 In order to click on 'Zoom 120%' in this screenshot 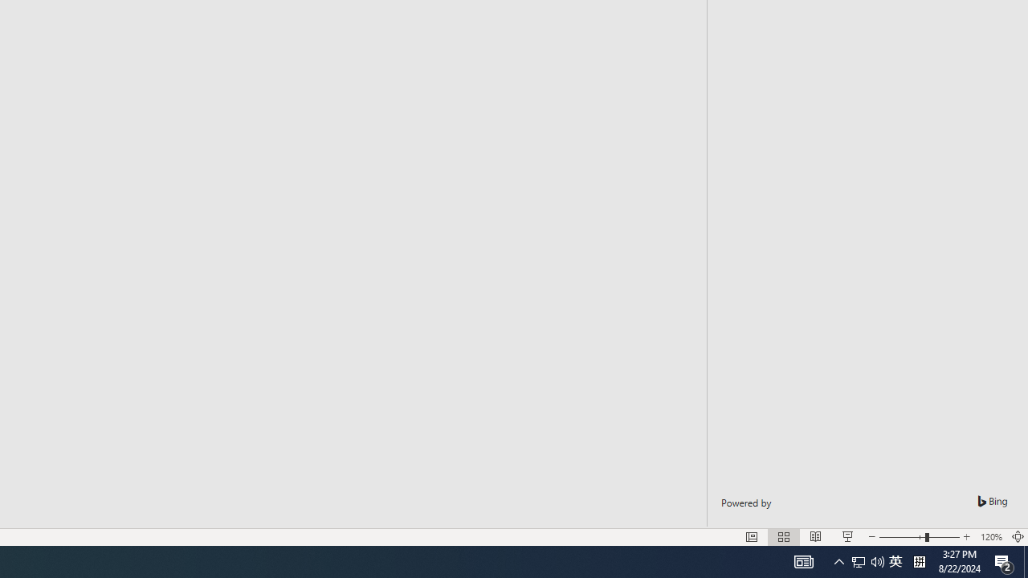, I will do `click(990, 537)`.